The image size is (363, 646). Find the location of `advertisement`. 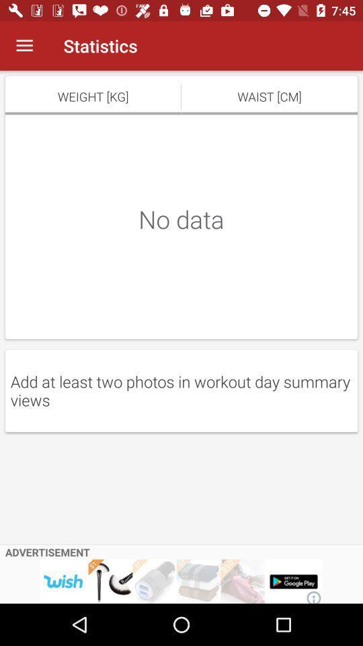

advertisement is located at coordinates (182, 581).